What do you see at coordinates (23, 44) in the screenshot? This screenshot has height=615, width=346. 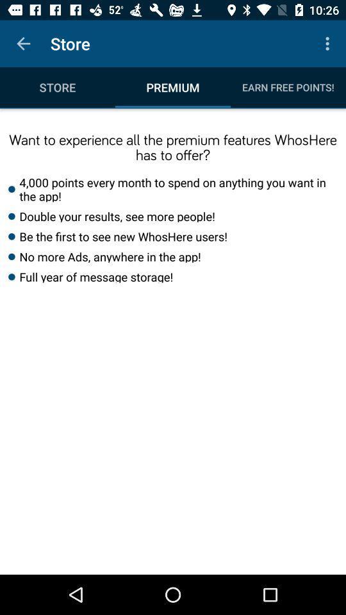 I see `item next to the store` at bounding box center [23, 44].